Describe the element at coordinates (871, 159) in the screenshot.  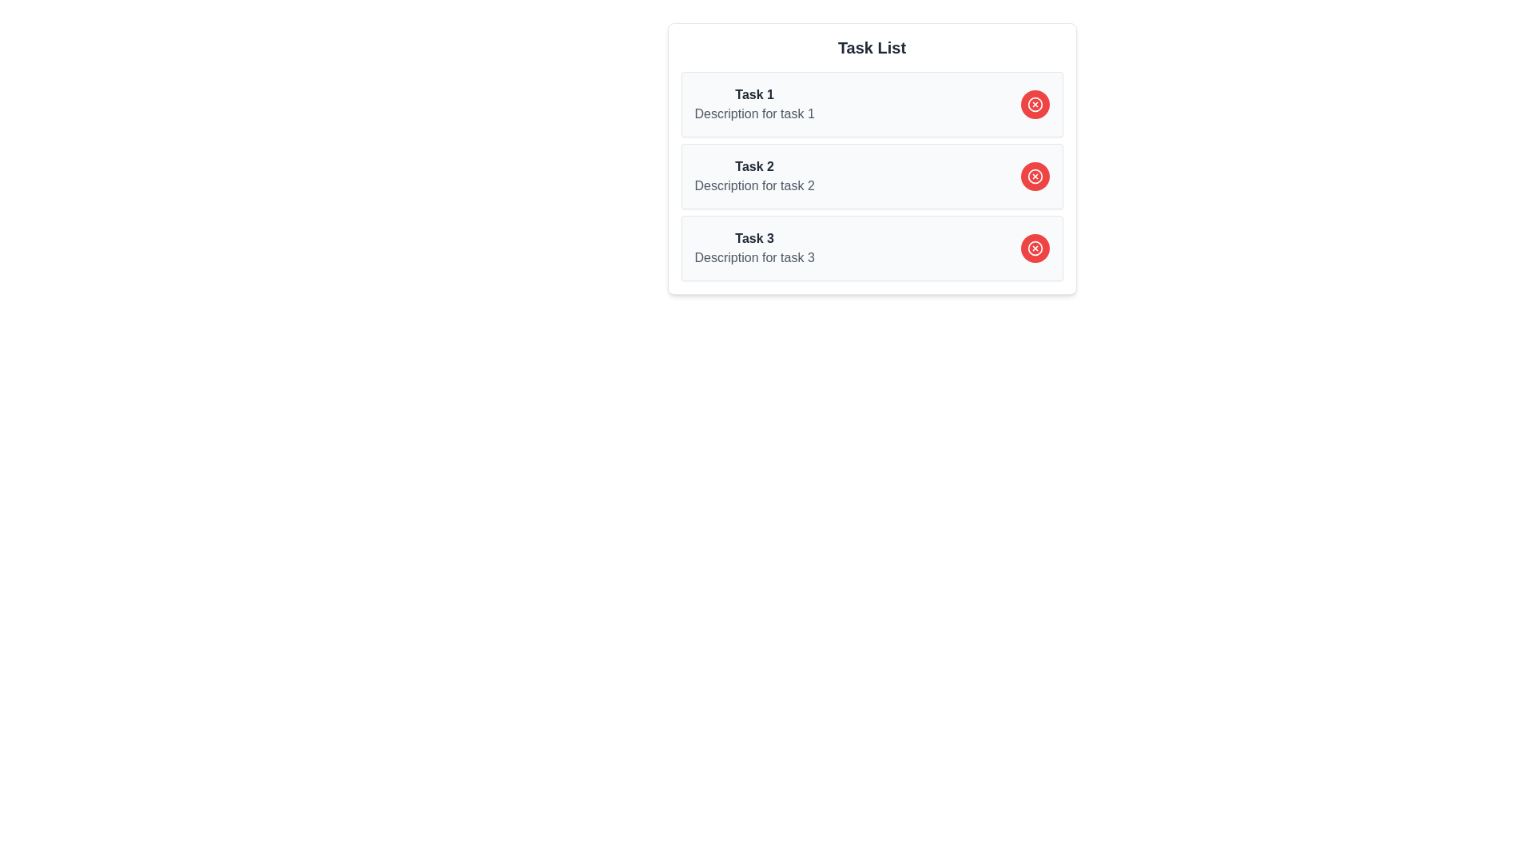
I see `the second task entry titled 'Task 2' in the task list` at that location.